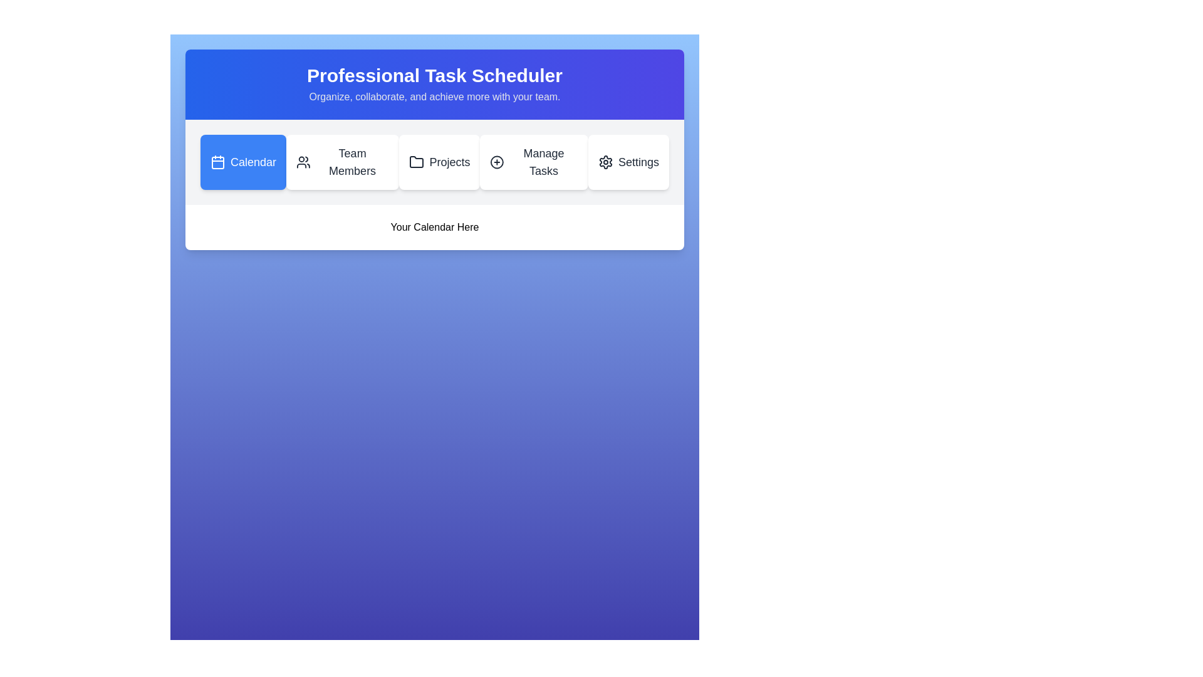 This screenshot has height=677, width=1203. Describe the element at coordinates (435, 227) in the screenshot. I see `the textual phrase displaying 'Your Calendar Here' which is centered within a white rectangular background below the navigation bar` at that location.